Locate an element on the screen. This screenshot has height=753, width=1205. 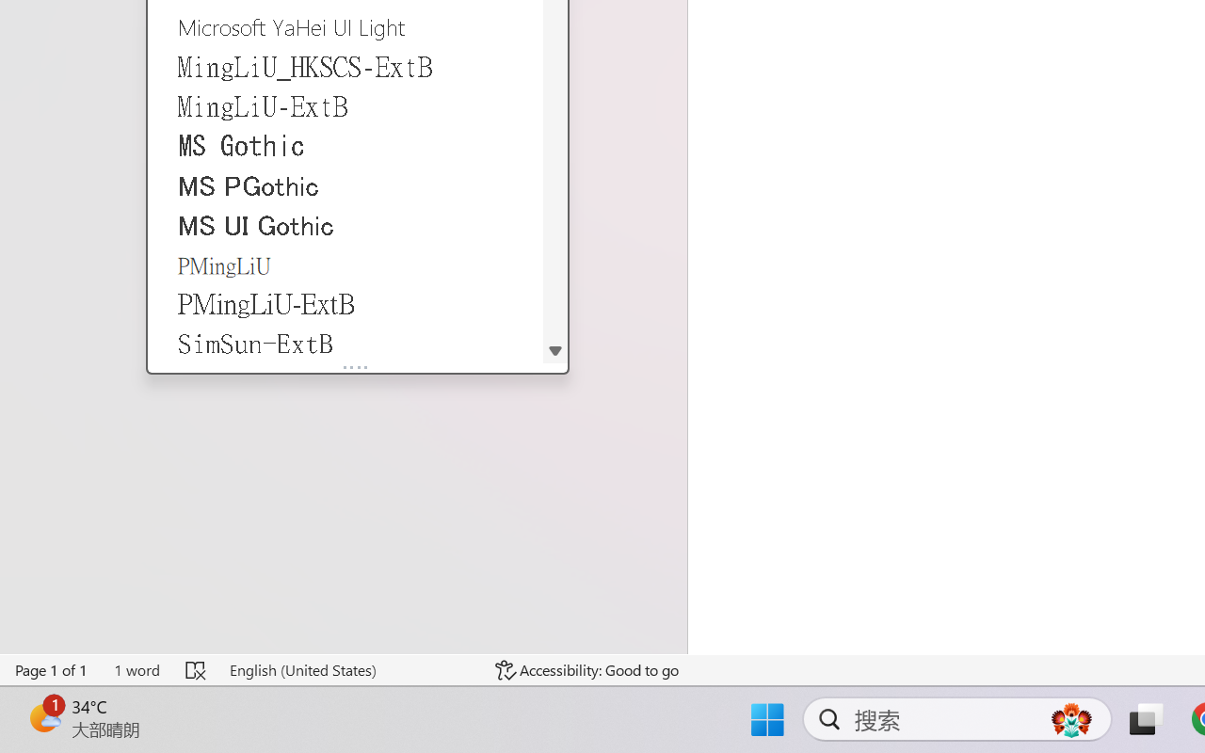
'Microsoft YaHei UI Light' is located at coordinates (345, 26).